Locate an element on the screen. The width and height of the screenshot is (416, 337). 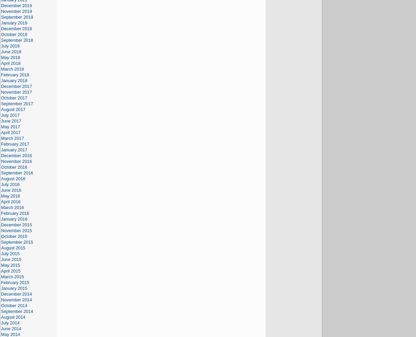
'August 2014' is located at coordinates (13, 317).